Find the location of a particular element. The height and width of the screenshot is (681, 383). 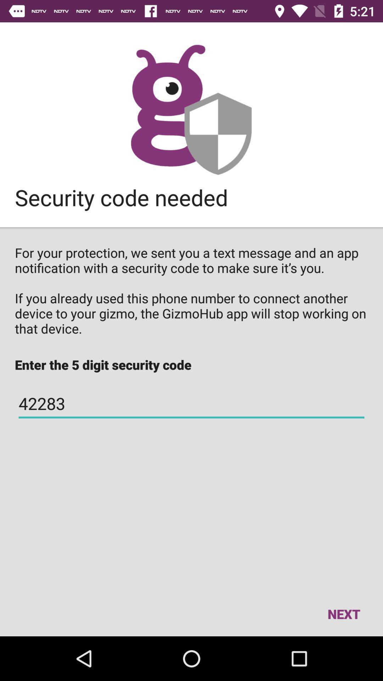

item at the bottom right corner is located at coordinates (343, 614).